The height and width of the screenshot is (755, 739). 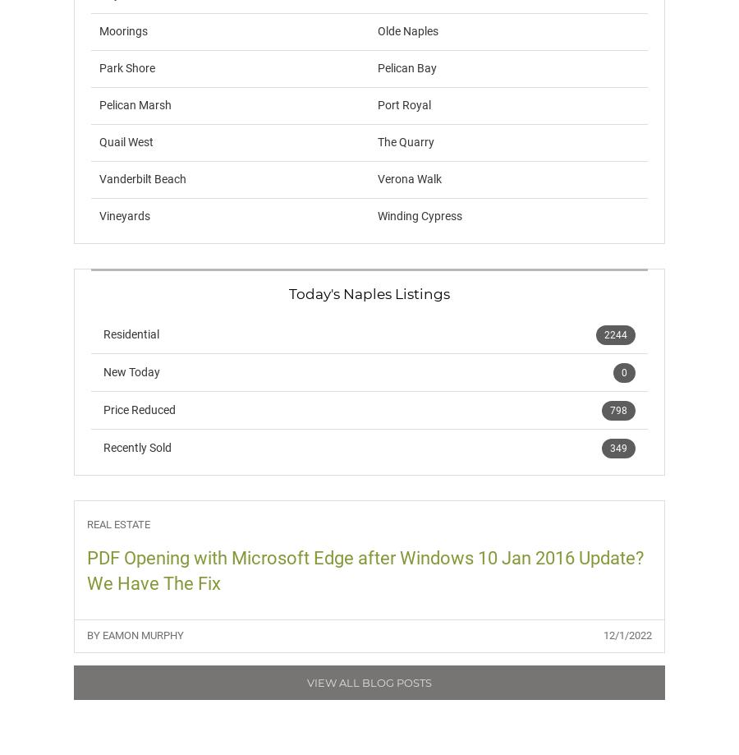 What do you see at coordinates (135, 104) in the screenshot?
I see `'Pelican Marsh'` at bounding box center [135, 104].